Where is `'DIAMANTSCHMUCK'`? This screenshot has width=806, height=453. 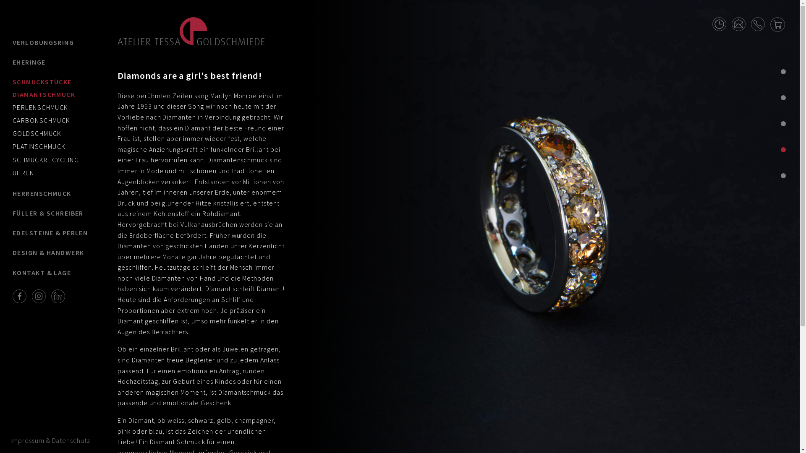
'DIAMANTSCHMUCK' is located at coordinates (43, 94).